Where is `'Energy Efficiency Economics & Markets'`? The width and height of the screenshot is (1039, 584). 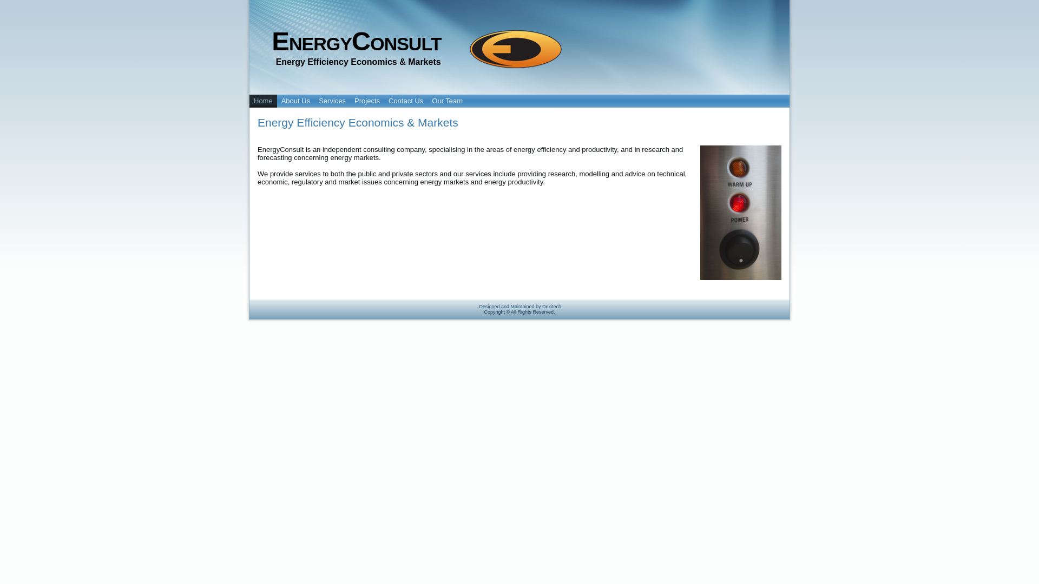
'Energy Efficiency Economics & Markets' is located at coordinates (358, 122).